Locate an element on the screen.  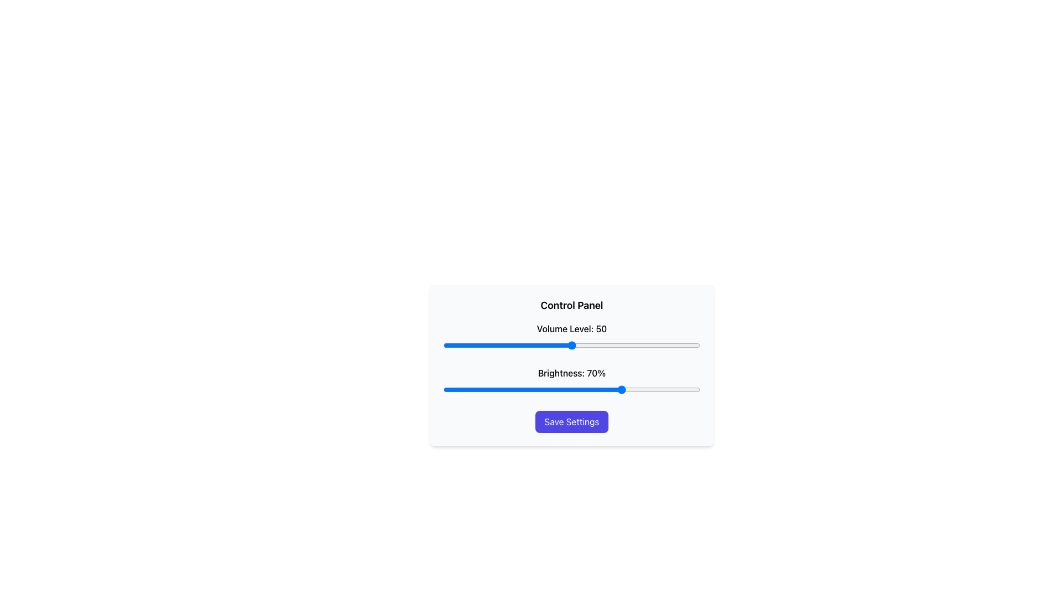
the volume level is located at coordinates (499, 345).